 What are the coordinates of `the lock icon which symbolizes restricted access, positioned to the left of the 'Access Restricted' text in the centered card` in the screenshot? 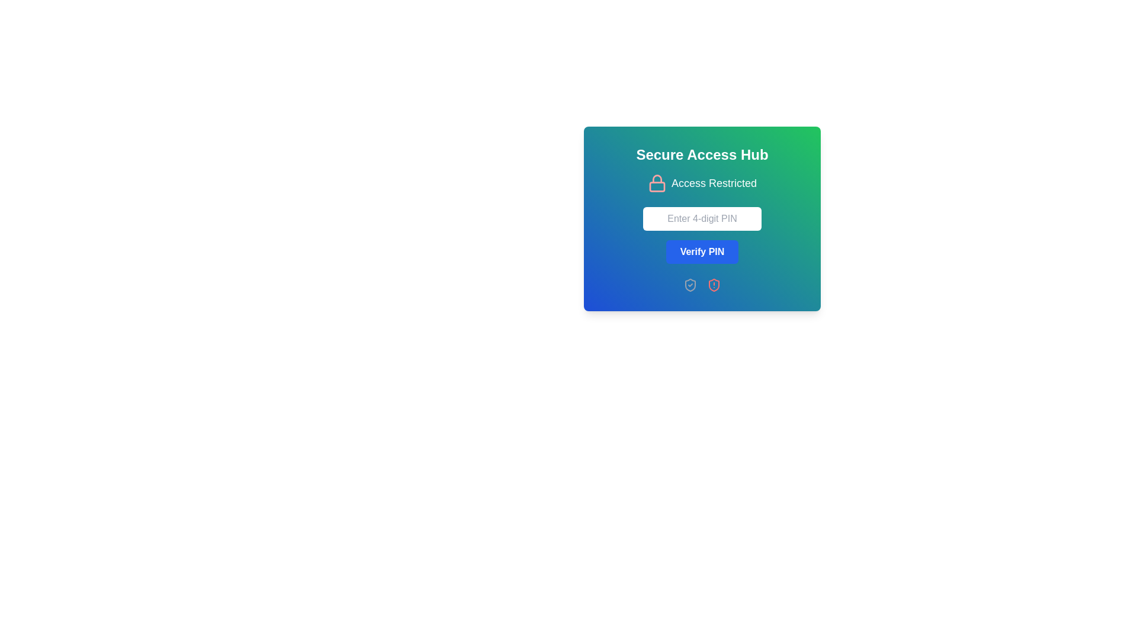 It's located at (656, 183).